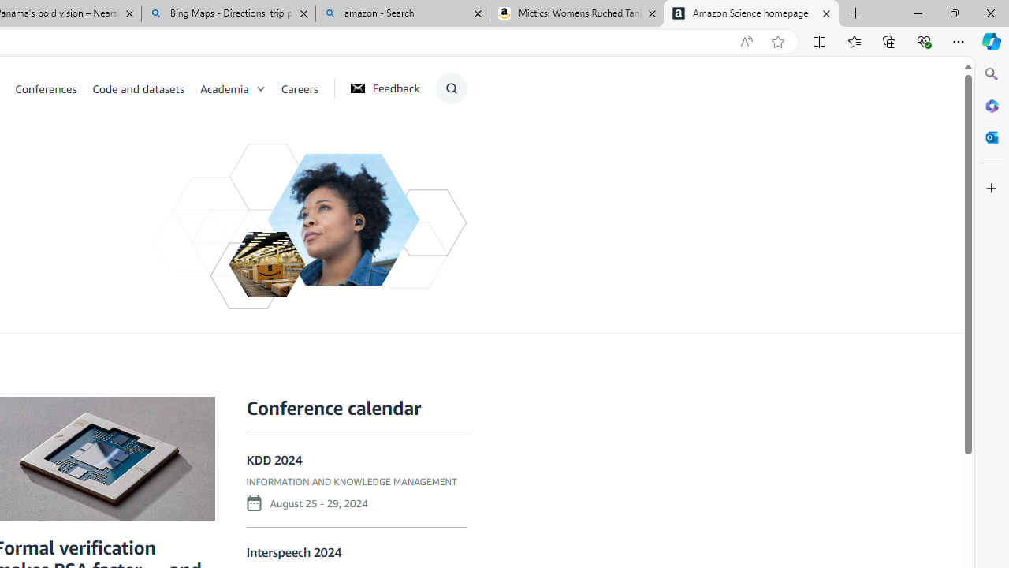 This screenshot has width=1009, height=568. I want to click on 'Code and datasets', so click(145, 88).